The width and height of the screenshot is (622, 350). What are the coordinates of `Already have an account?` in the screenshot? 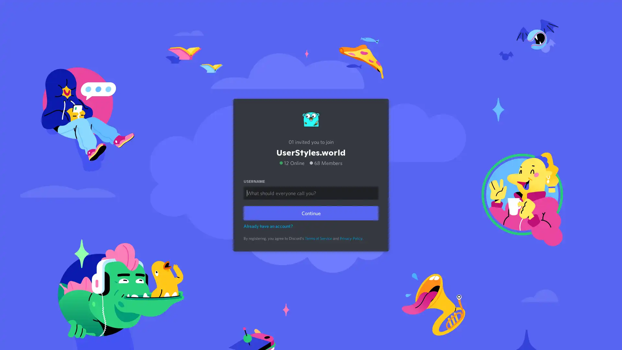 It's located at (268, 226).